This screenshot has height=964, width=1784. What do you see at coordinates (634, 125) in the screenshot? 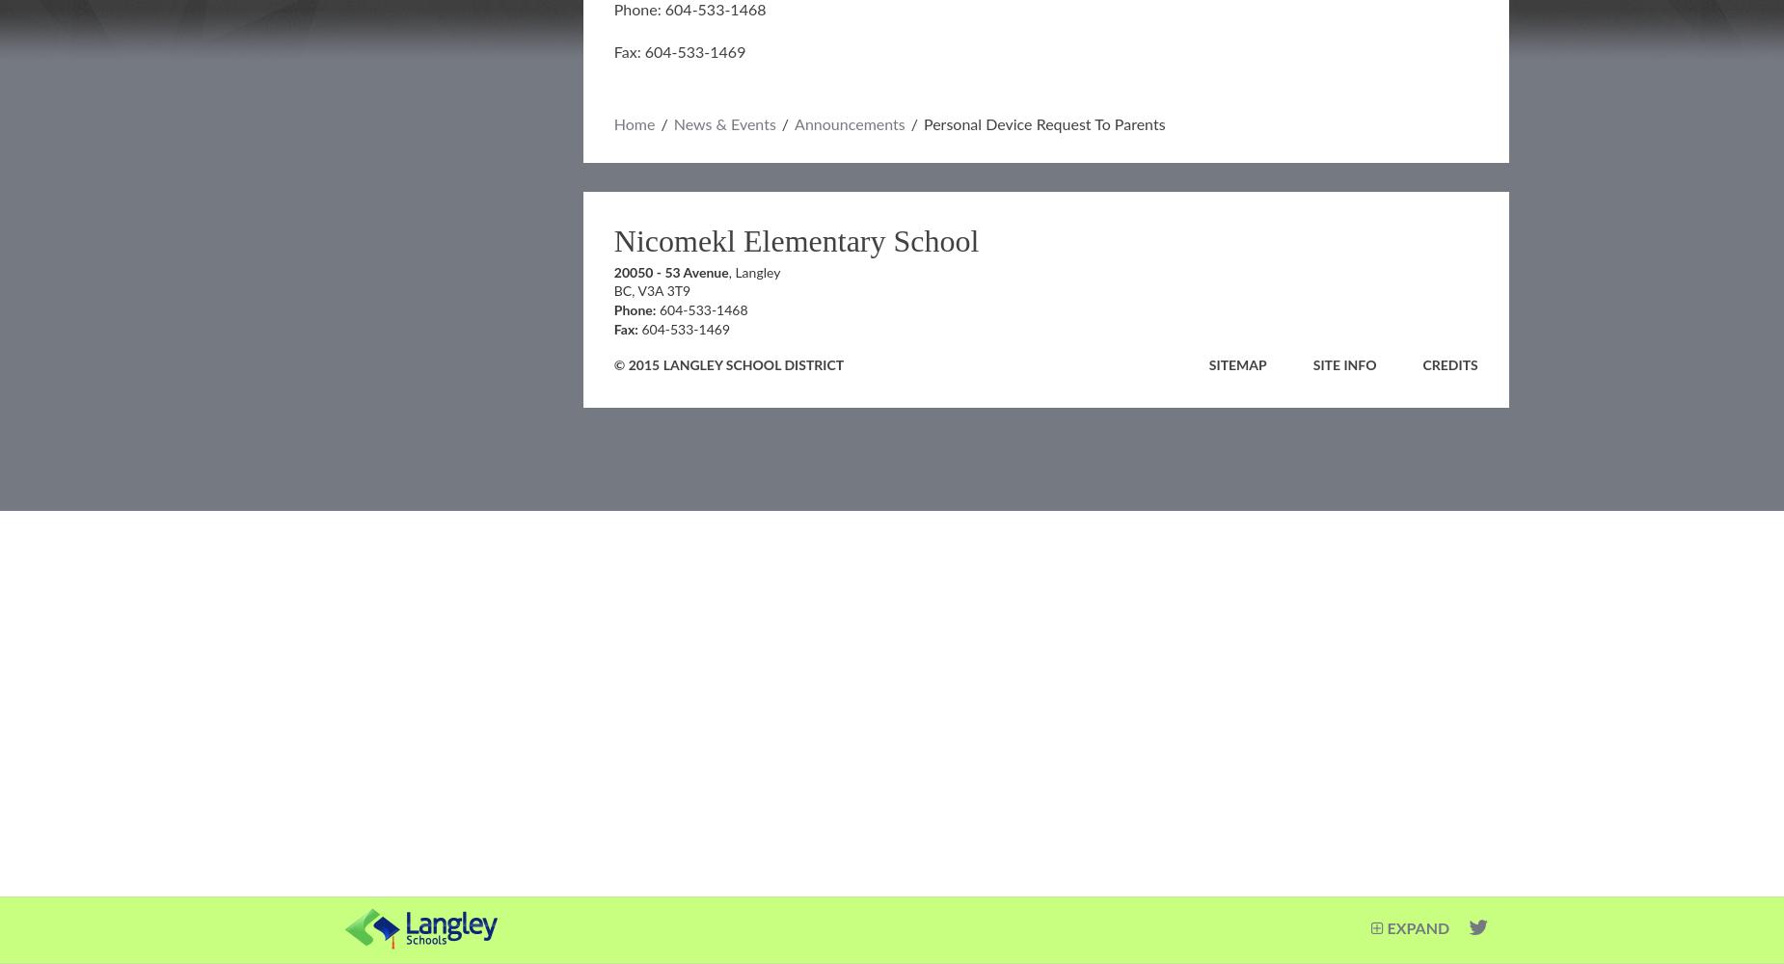
I see `'Home'` at bounding box center [634, 125].